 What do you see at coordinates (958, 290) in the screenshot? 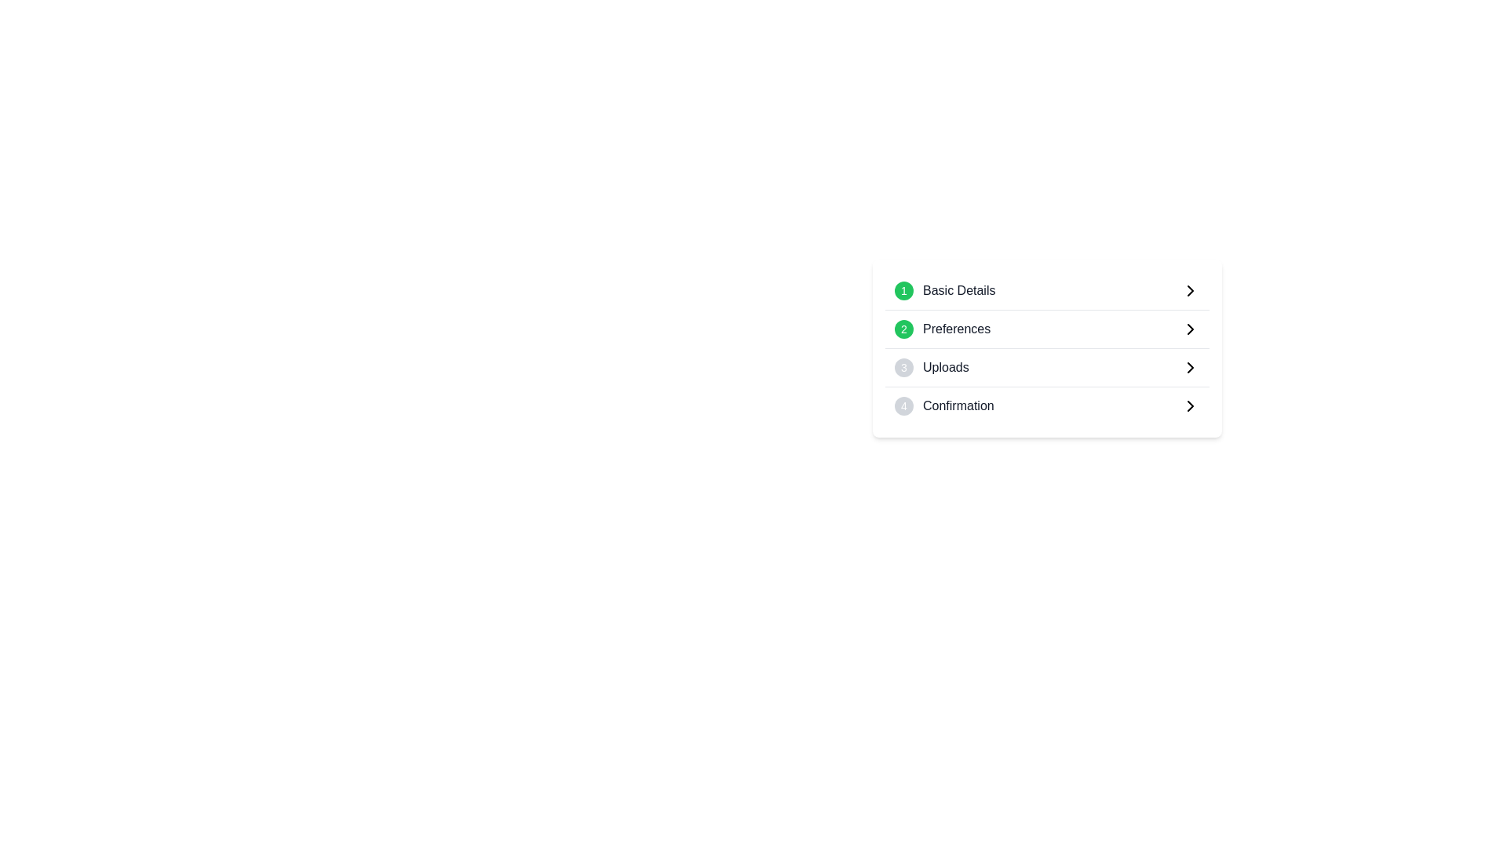
I see `the 'Basic Details' label, which is displayed in bold, dark-gray typography and positioned to the right of a green circular icon with a white '1'` at bounding box center [958, 290].